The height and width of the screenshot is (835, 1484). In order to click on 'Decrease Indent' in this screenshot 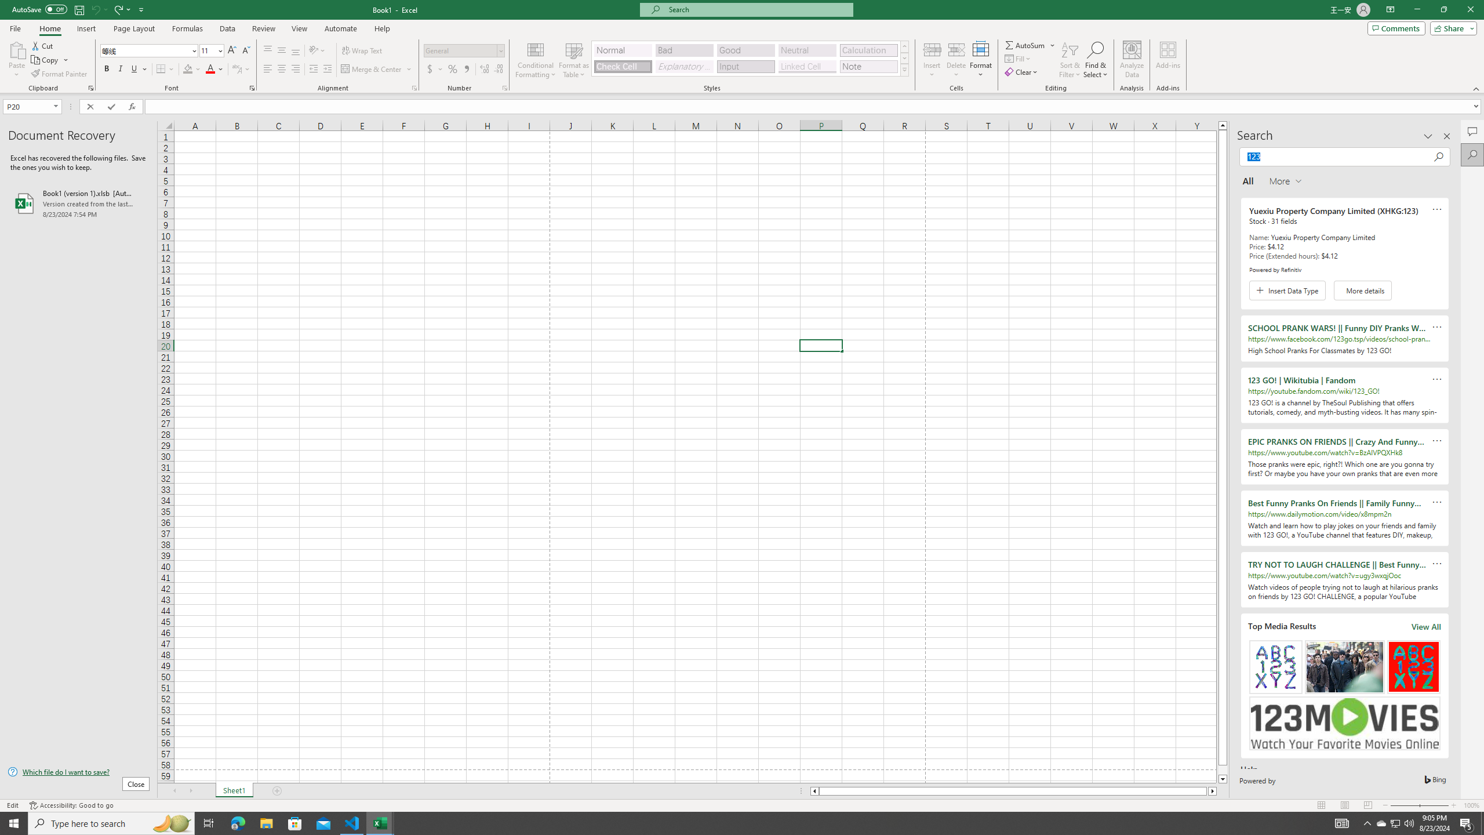, I will do `click(314, 68)`.